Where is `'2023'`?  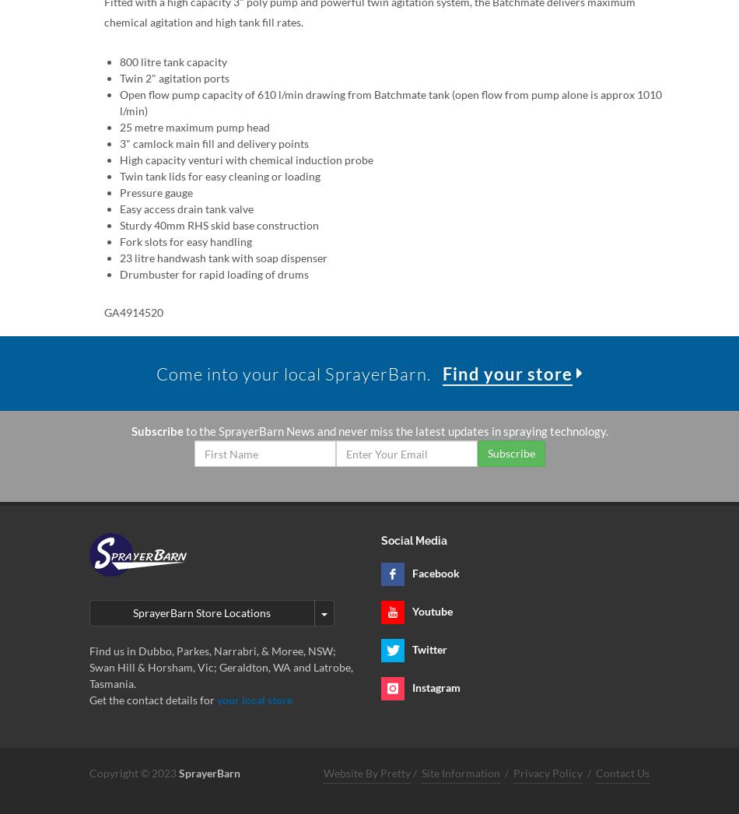
'2023' is located at coordinates (165, 772).